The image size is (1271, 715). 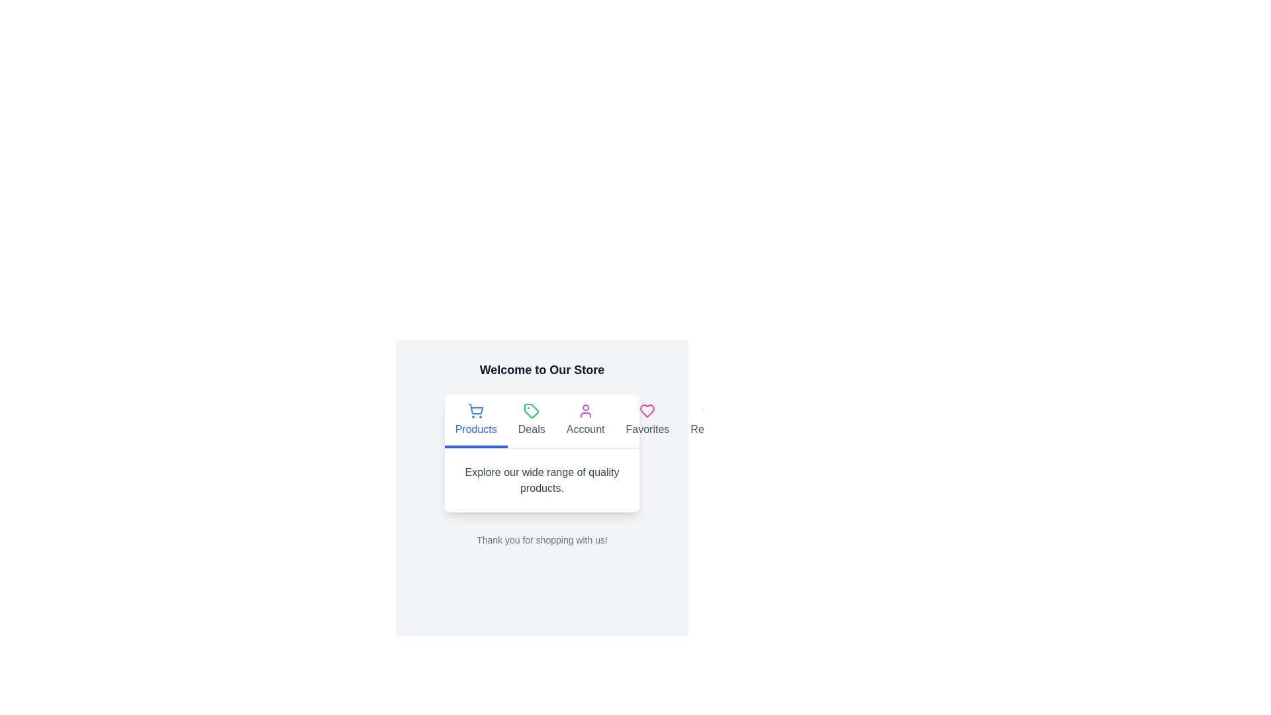 What do you see at coordinates (585, 410) in the screenshot?
I see `the 'Account' icon in the navigation menu` at bounding box center [585, 410].